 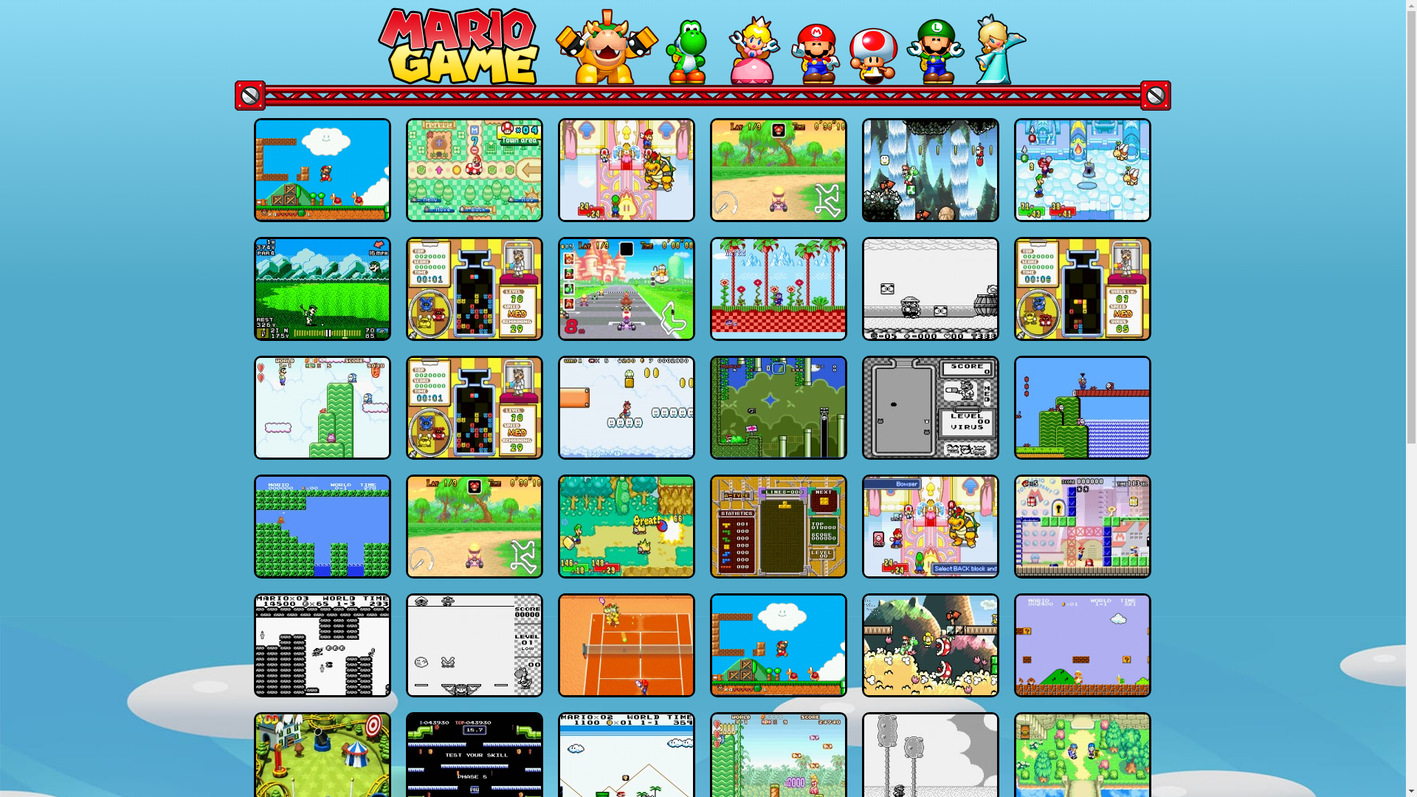 I want to click on 'Mario Power Tennis', so click(x=627, y=643).